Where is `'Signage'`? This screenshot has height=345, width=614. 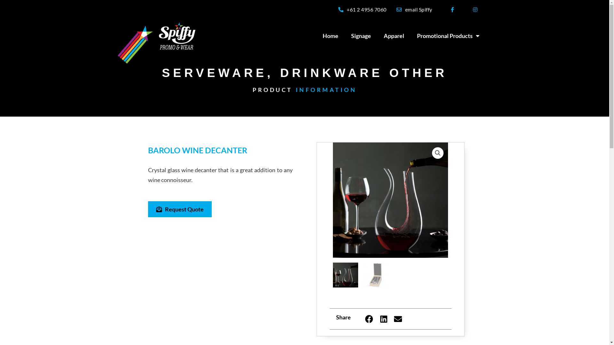 'Signage' is located at coordinates (361, 35).